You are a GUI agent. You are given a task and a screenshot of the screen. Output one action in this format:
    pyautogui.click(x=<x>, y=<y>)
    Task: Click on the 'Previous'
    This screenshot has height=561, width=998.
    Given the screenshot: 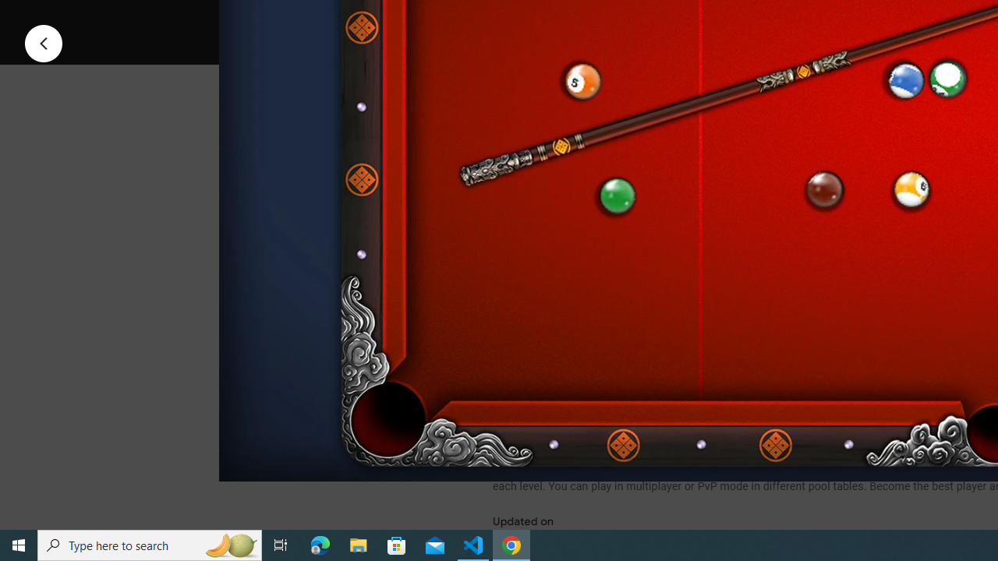 What is the action you would take?
    pyautogui.click(x=43, y=42)
    